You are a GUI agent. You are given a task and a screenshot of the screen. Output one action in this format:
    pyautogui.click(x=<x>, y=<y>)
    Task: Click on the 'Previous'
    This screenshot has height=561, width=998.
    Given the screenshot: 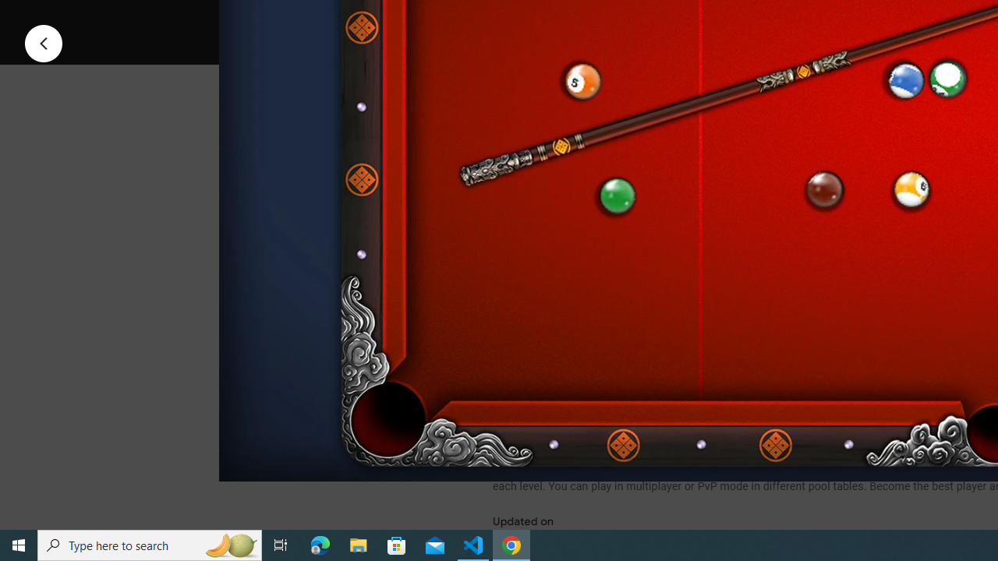 What is the action you would take?
    pyautogui.click(x=43, y=42)
    